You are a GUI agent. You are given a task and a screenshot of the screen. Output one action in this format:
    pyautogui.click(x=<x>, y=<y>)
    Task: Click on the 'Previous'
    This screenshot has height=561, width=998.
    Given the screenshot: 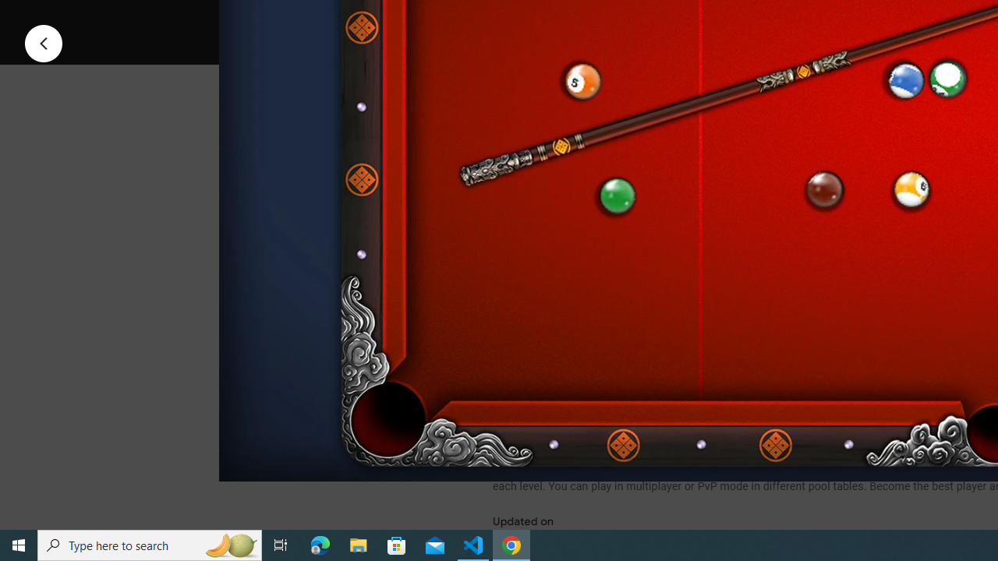 What is the action you would take?
    pyautogui.click(x=43, y=42)
    